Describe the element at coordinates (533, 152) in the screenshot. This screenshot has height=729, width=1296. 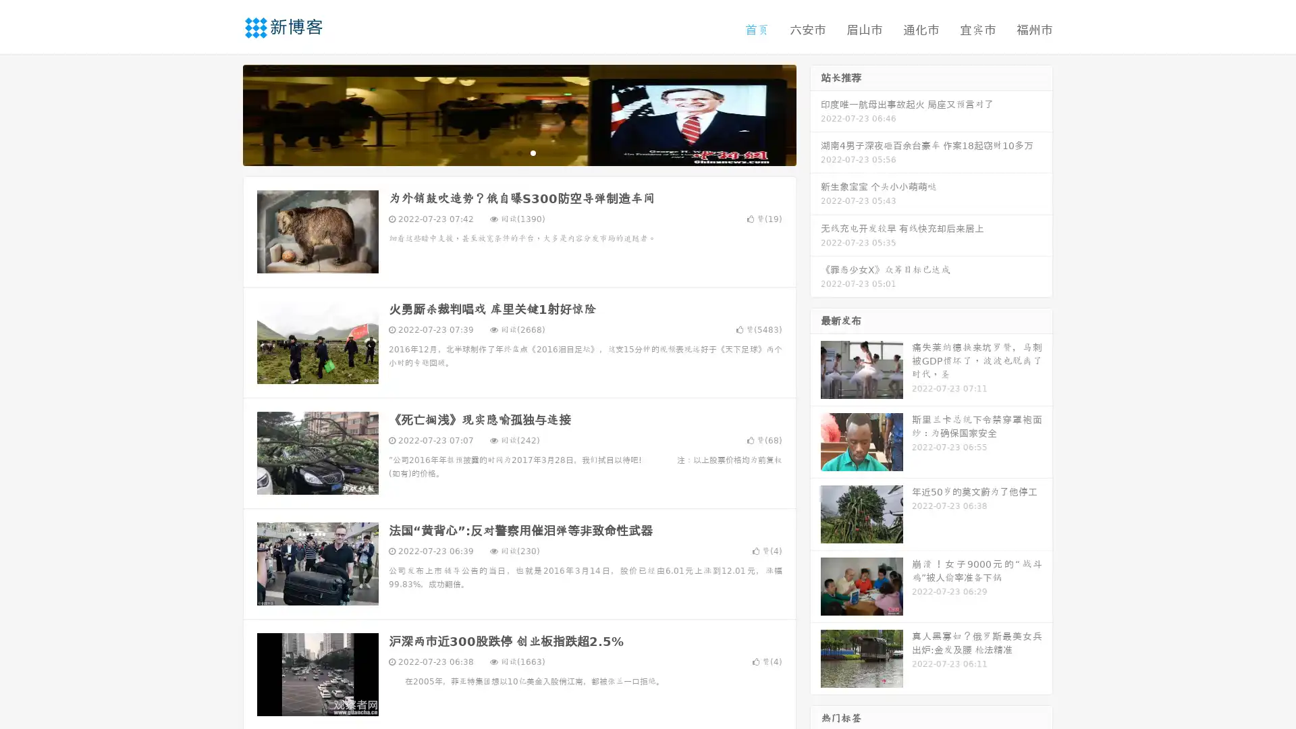
I see `Go to slide 3` at that location.